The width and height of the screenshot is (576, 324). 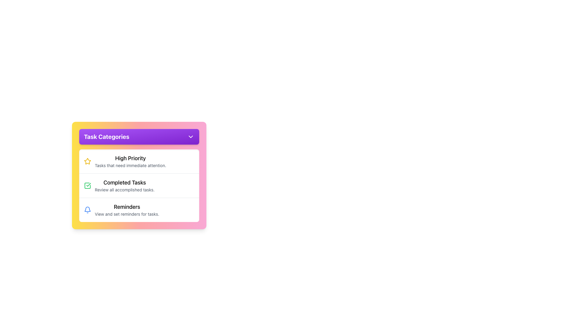 I want to click on the blue bell-shaped icon with a thin rounded outline, which is the third icon in the list located to the left of the 'Reminders' label in the 'Task Categories' section, so click(x=87, y=209).